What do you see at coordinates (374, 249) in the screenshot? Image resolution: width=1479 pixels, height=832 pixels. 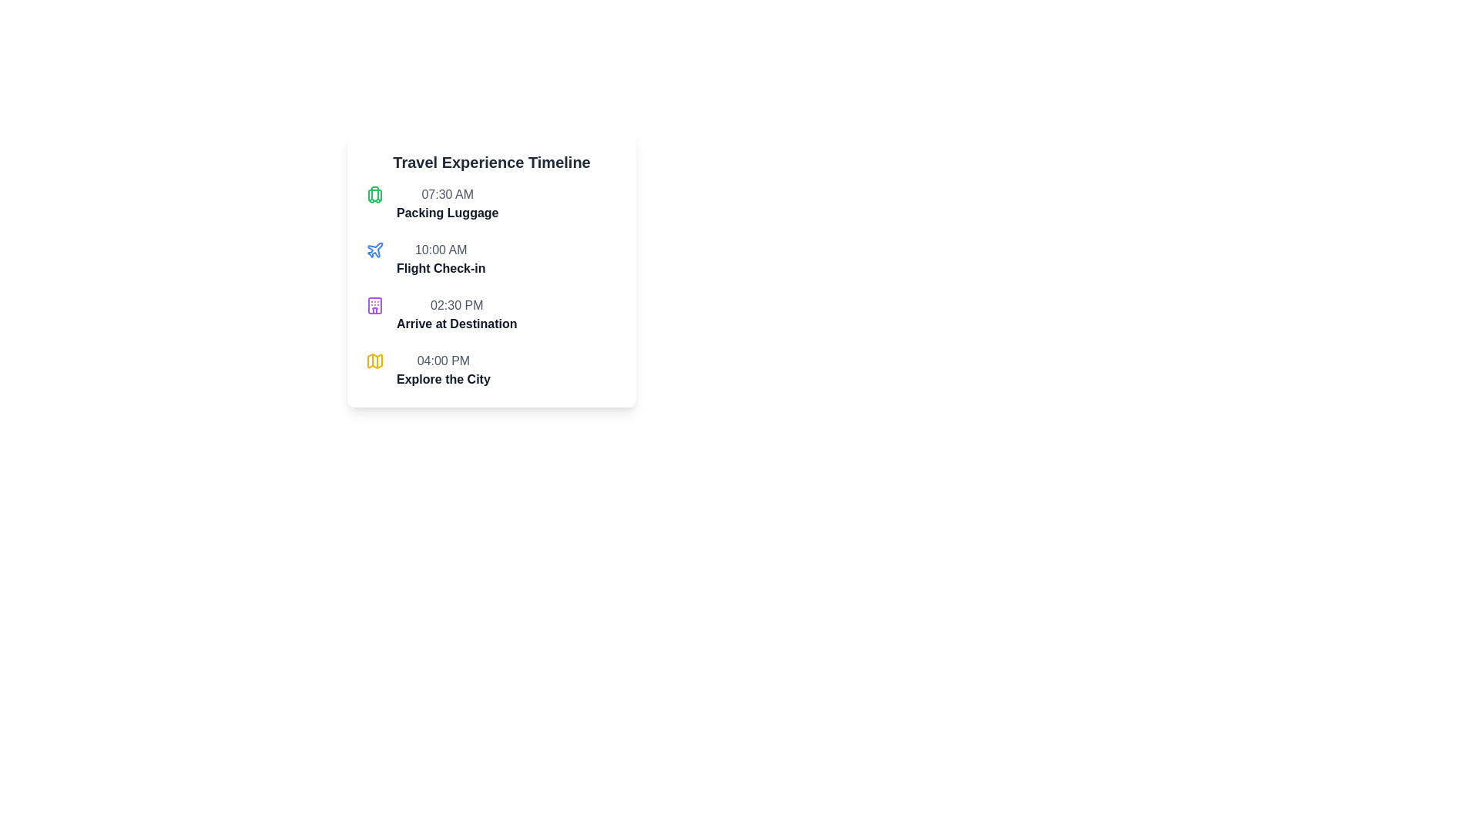 I see `the static visual indicator representing the 'Flight Check-in' event at the leftmost side of the '10:00 AM Flight Check-in' entry in the timeline` at bounding box center [374, 249].